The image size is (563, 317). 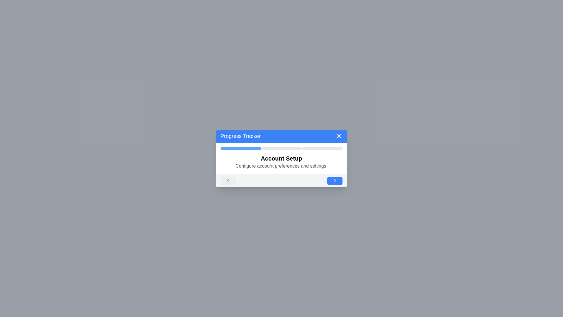 What do you see at coordinates (281, 166) in the screenshot?
I see `the text label reading 'Configure account preferences and settings.' which is styled in gray font and positioned beneath the 'Account Setup' title` at bounding box center [281, 166].